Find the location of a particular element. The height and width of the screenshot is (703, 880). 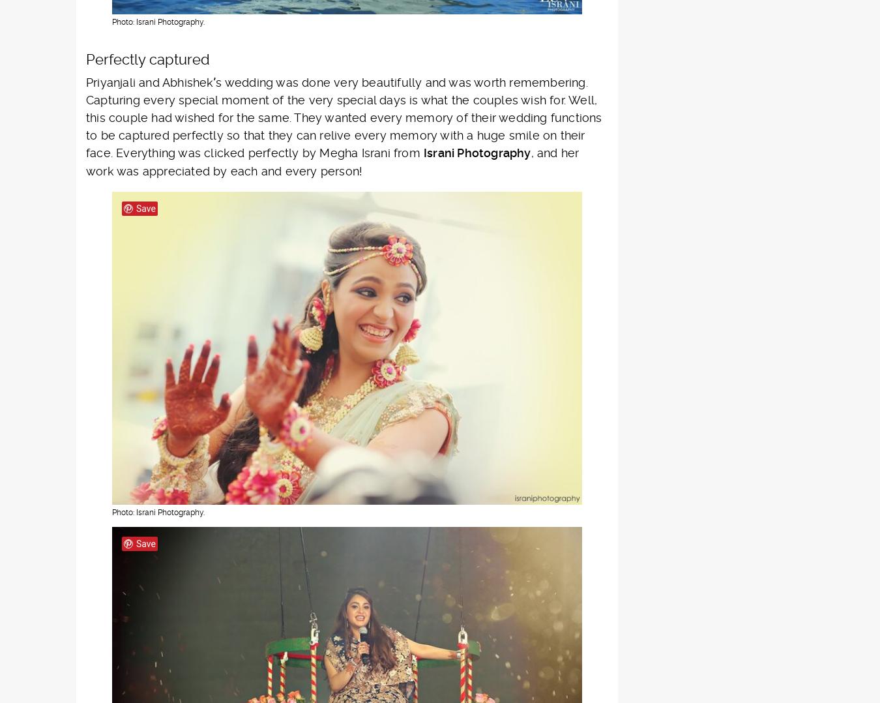

'Top wedding photography of Tamil Nadu' is located at coordinates (114, 241).